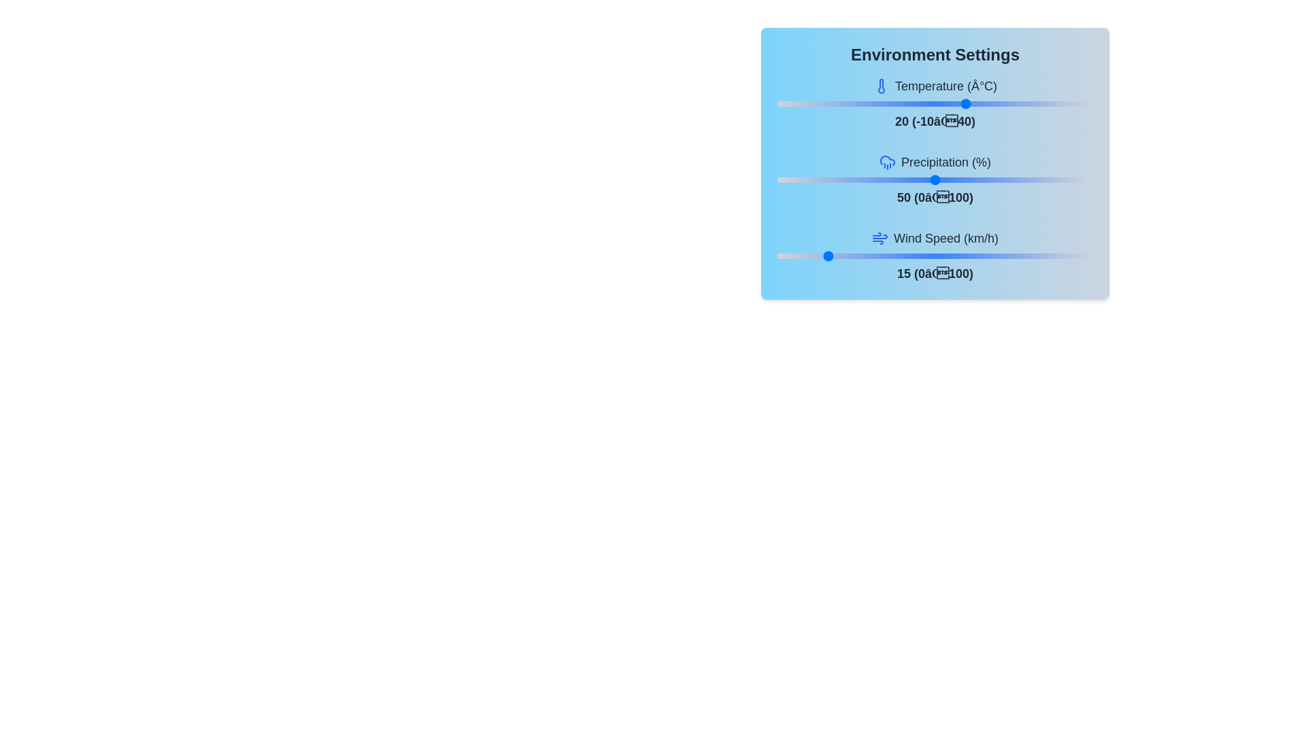 This screenshot has width=1306, height=734. What do you see at coordinates (1026, 256) in the screenshot?
I see `the wind speed` at bounding box center [1026, 256].